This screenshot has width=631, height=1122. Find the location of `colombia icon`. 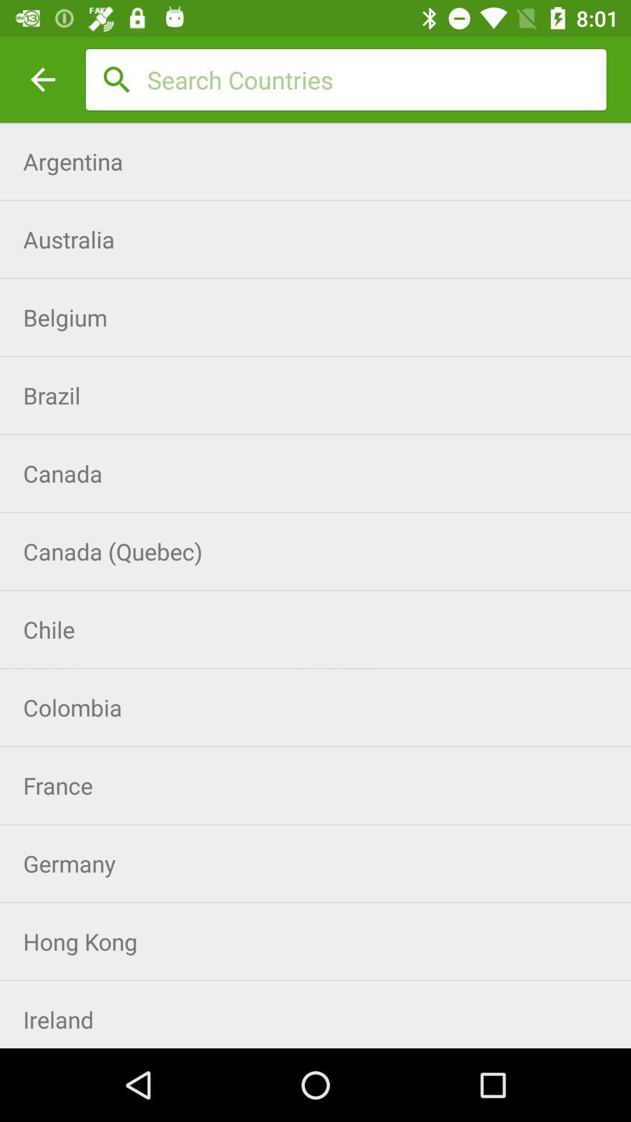

colombia icon is located at coordinates (315, 707).